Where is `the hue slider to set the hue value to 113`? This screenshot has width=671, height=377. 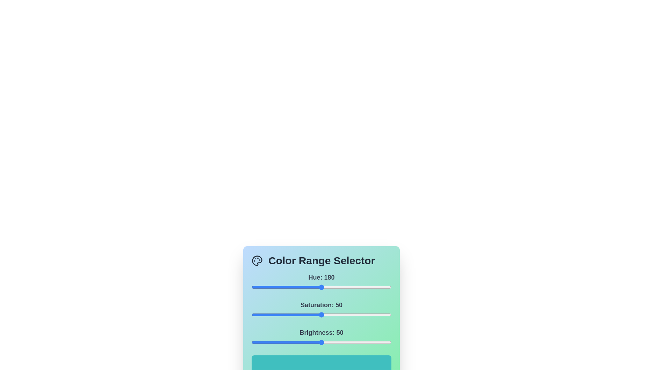
the hue slider to set the hue value to 113 is located at coordinates (295, 287).